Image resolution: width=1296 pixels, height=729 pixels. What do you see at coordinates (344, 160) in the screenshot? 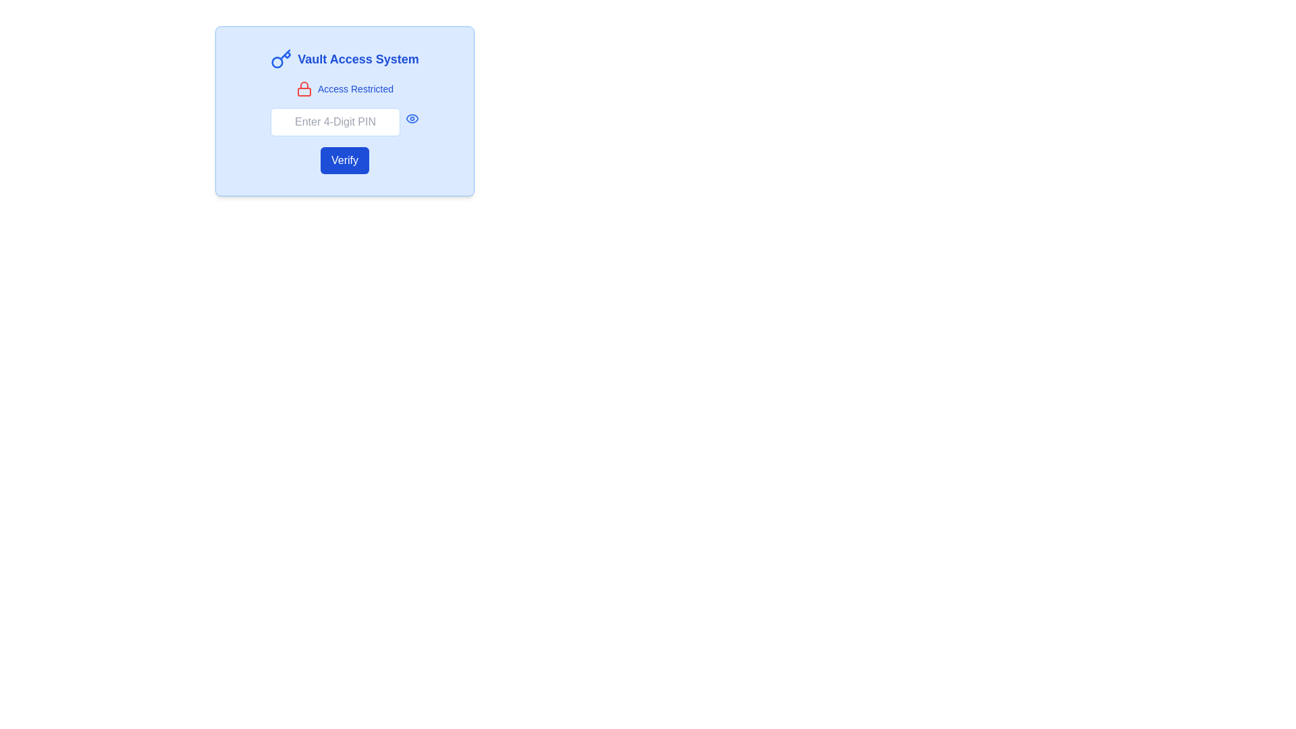
I see `the 'Submit' button in the 'Vault Access System' card to observe any hover styling effects` at bounding box center [344, 160].